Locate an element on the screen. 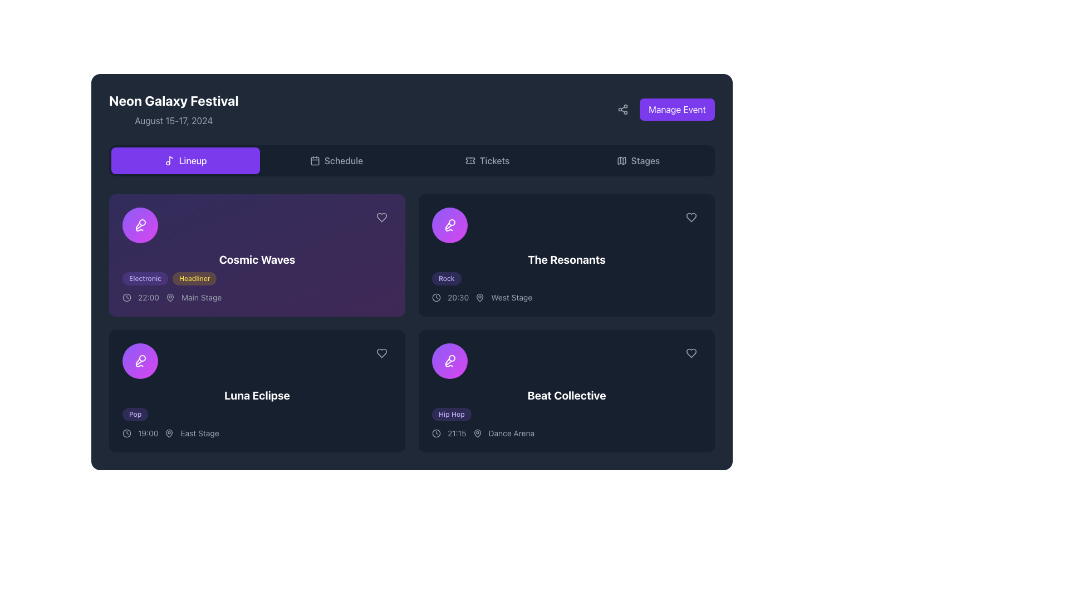 Image resolution: width=1069 pixels, height=601 pixels. the SVG circular representation icon that visually represents the clock for the 'Luna Eclipse' event located at the bottom left of the event card is located at coordinates (126, 433).